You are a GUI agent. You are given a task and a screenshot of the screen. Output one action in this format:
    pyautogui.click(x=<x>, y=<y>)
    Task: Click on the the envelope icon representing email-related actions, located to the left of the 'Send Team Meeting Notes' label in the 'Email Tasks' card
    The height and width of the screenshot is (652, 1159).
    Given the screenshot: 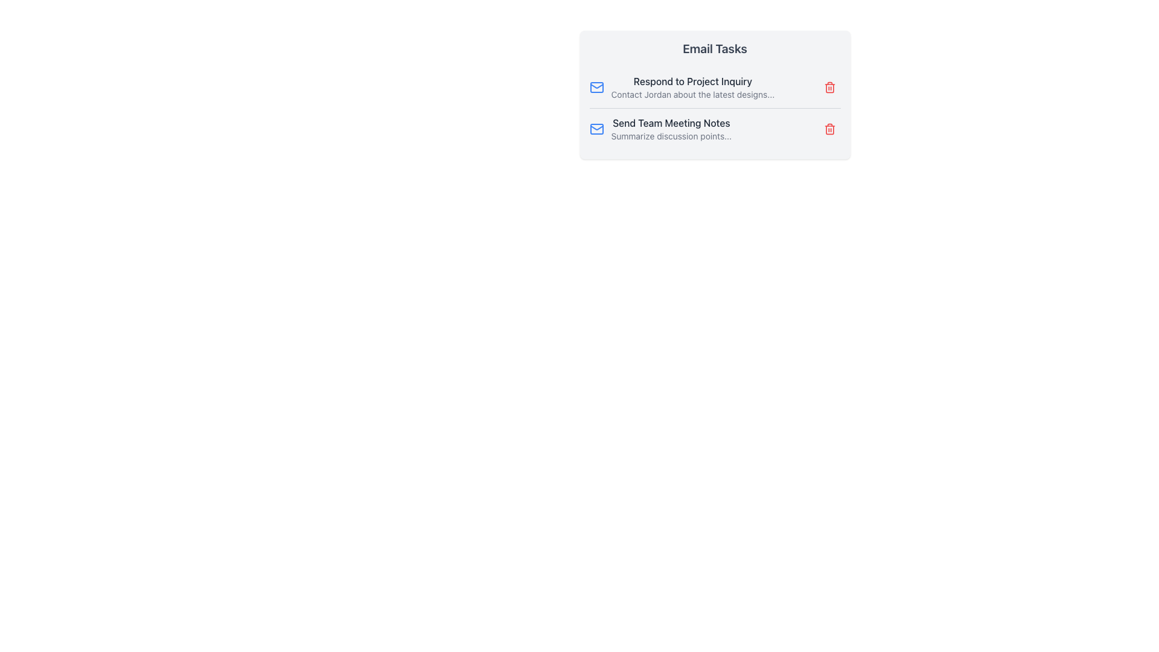 What is the action you would take?
    pyautogui.click(x=596, y=85)
    